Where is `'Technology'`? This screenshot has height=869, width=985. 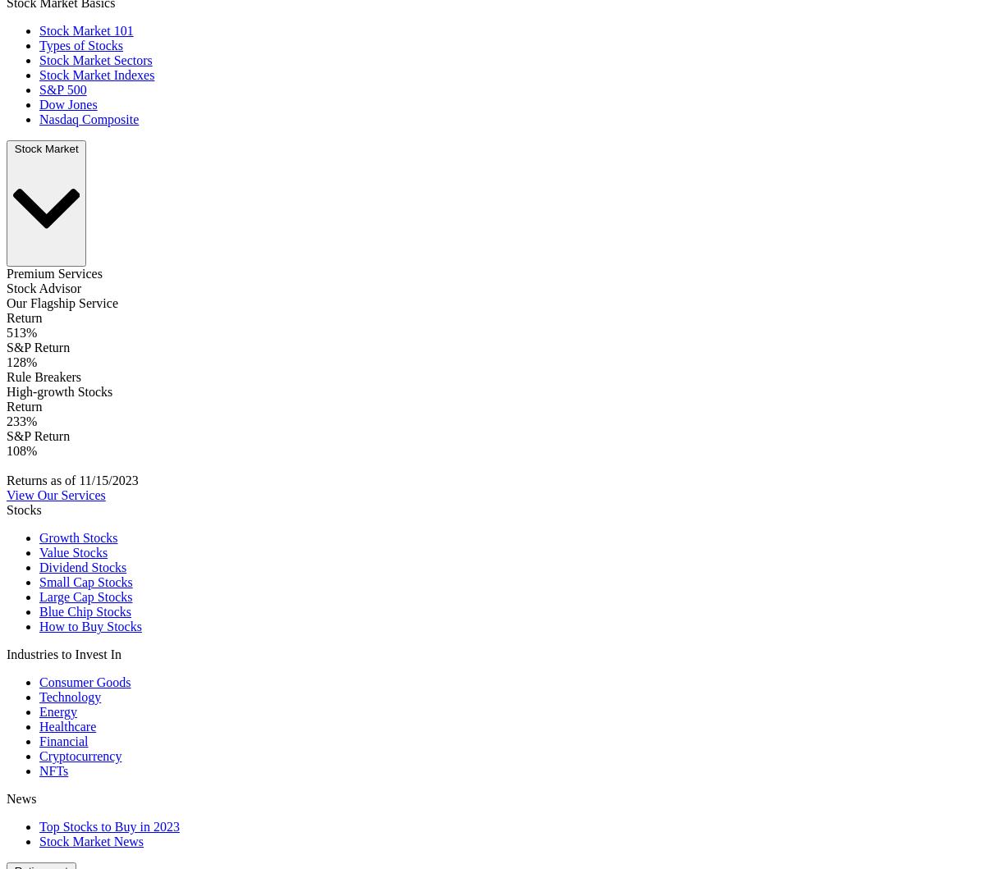 'Technology' is located at coordinates (70, 697).